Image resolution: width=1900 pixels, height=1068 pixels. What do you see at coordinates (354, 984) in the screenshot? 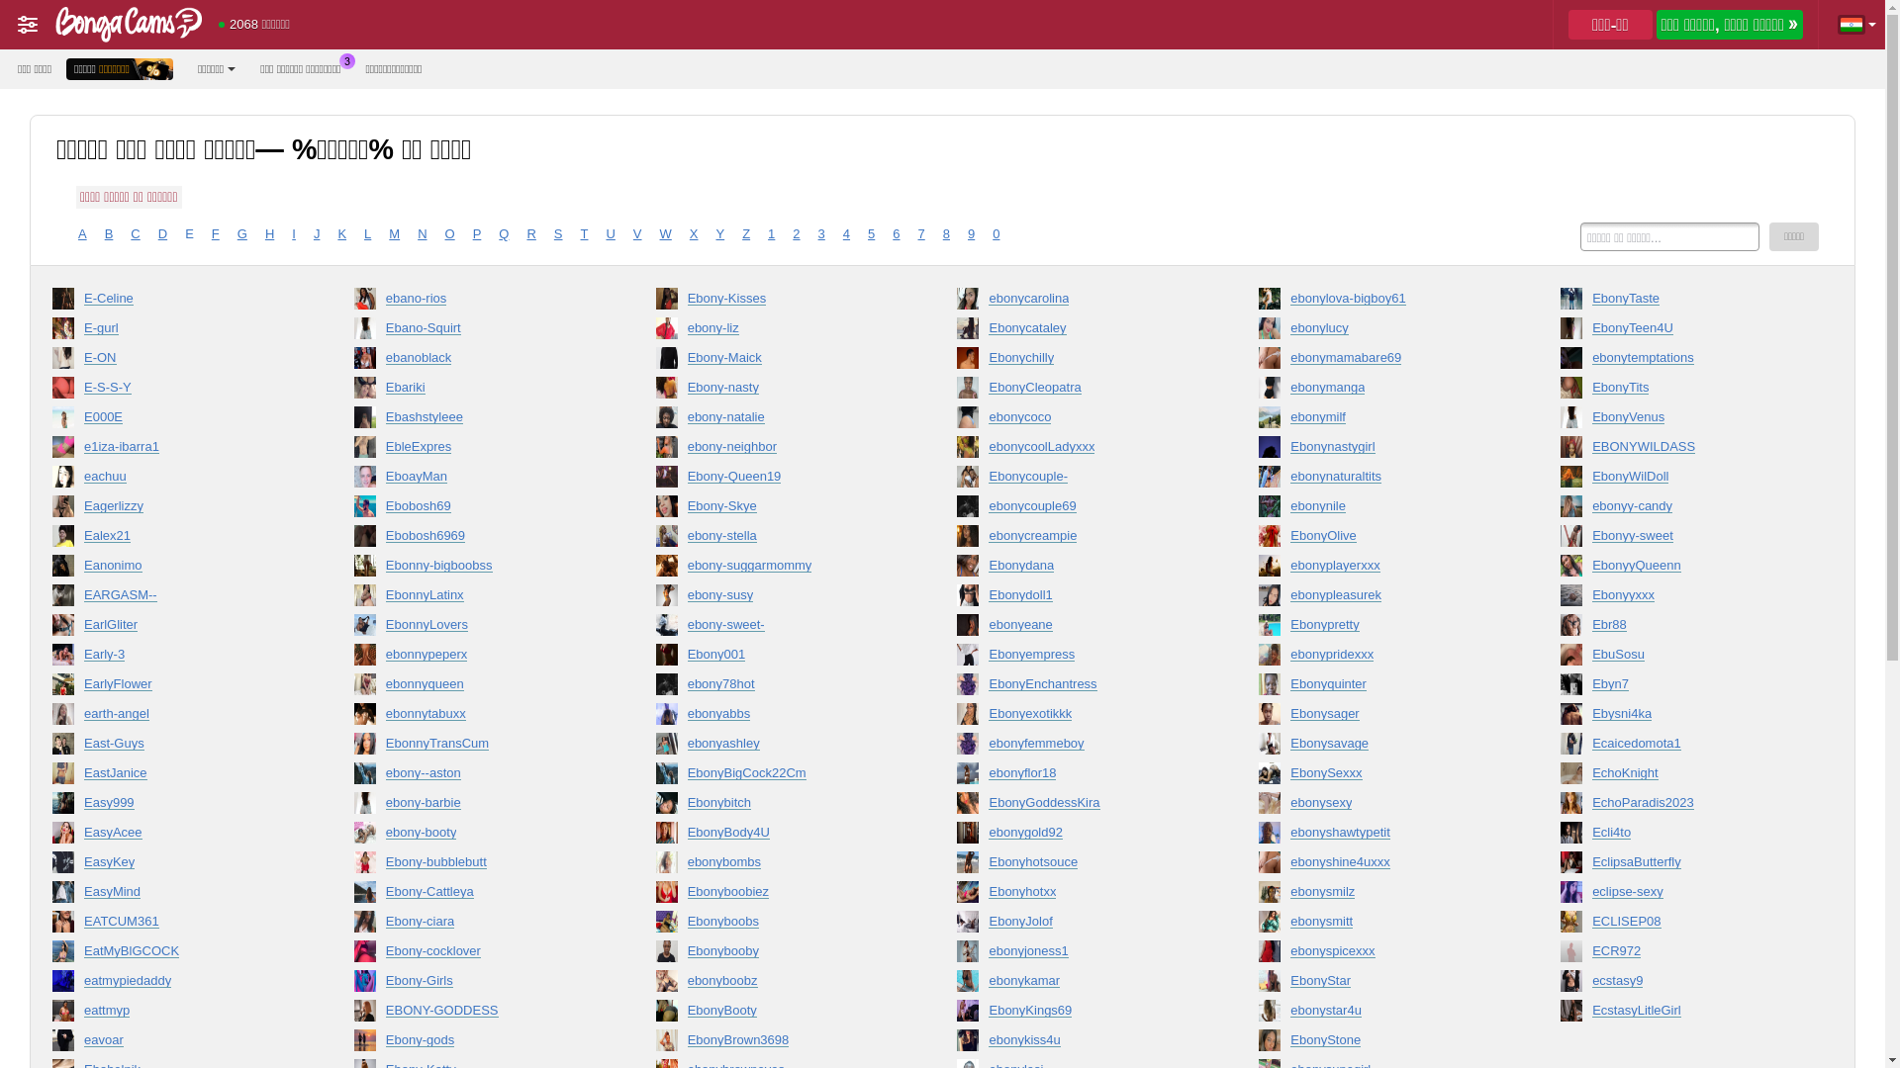
I see `'Ebony-Girls'` at bounding box center [354, 984].